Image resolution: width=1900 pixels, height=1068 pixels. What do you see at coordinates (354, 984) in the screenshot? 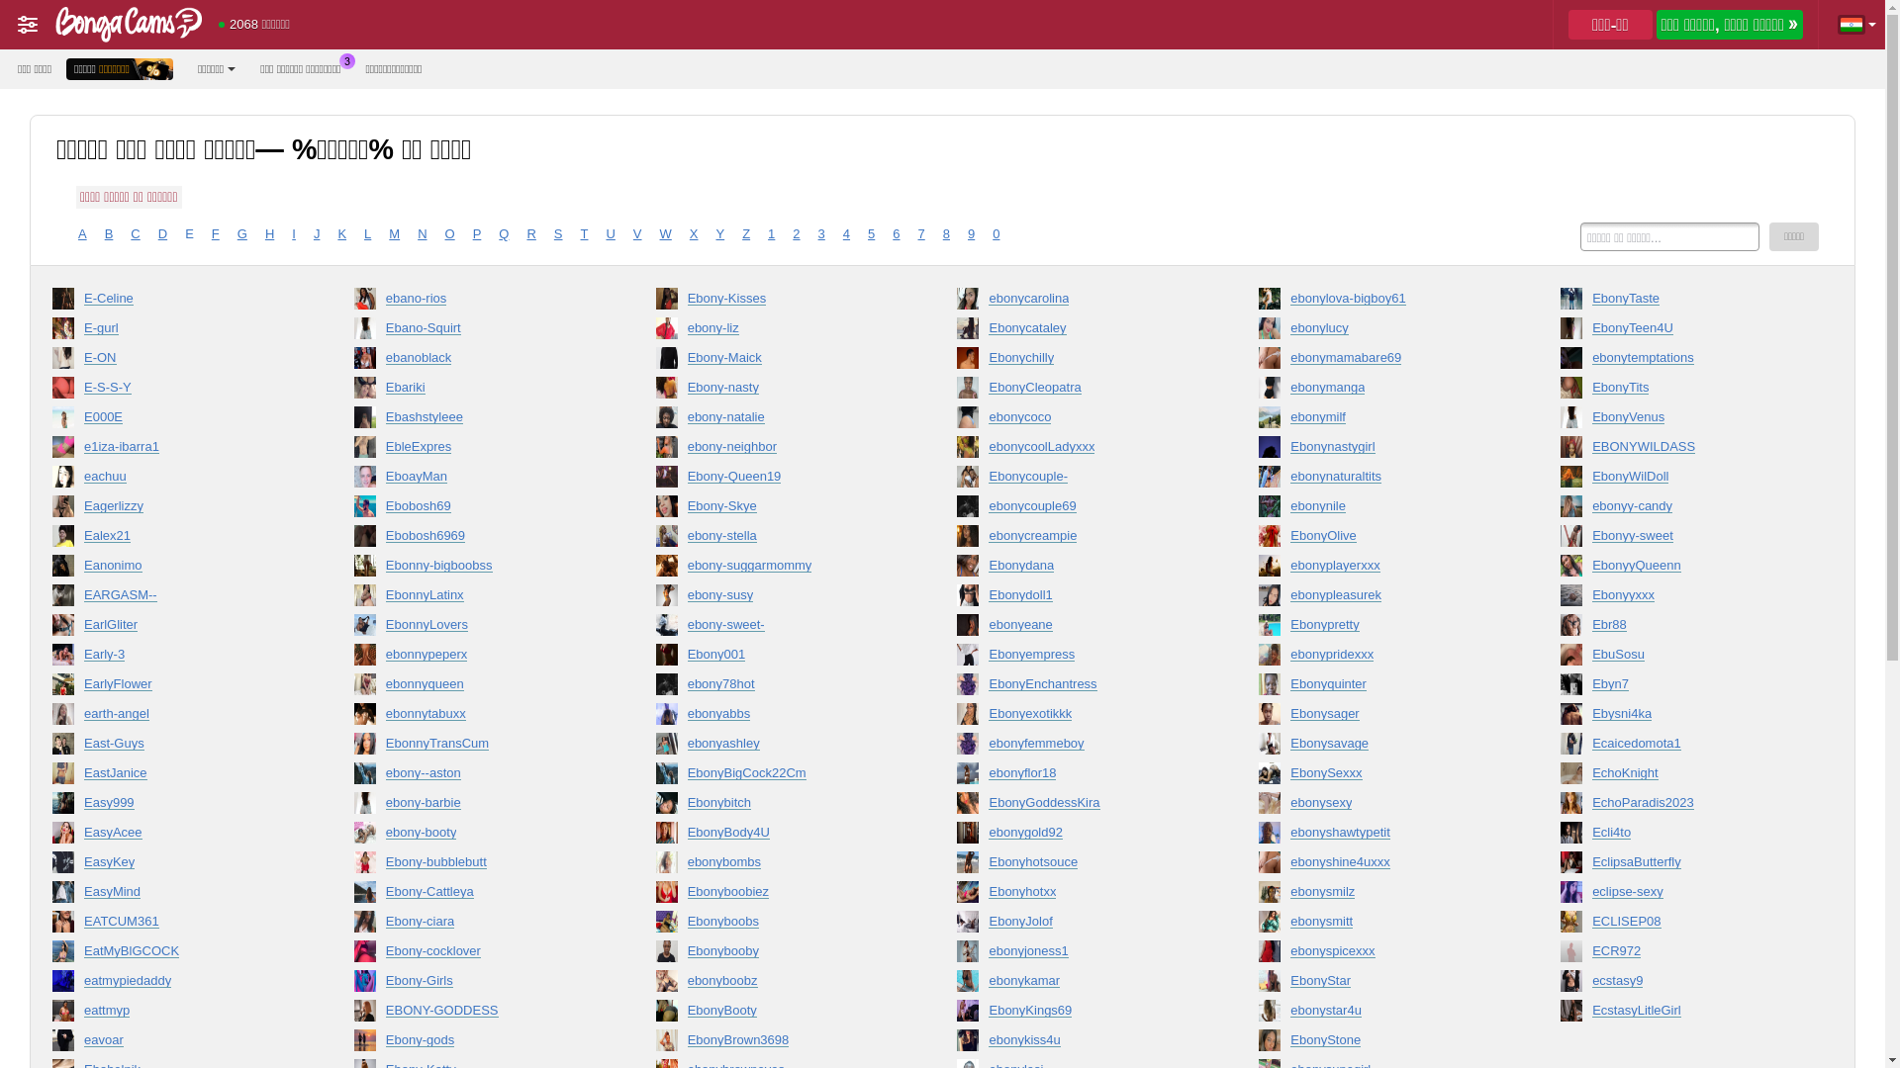
I see `'Ebony-Girls'` at bounding box center [354, 984].